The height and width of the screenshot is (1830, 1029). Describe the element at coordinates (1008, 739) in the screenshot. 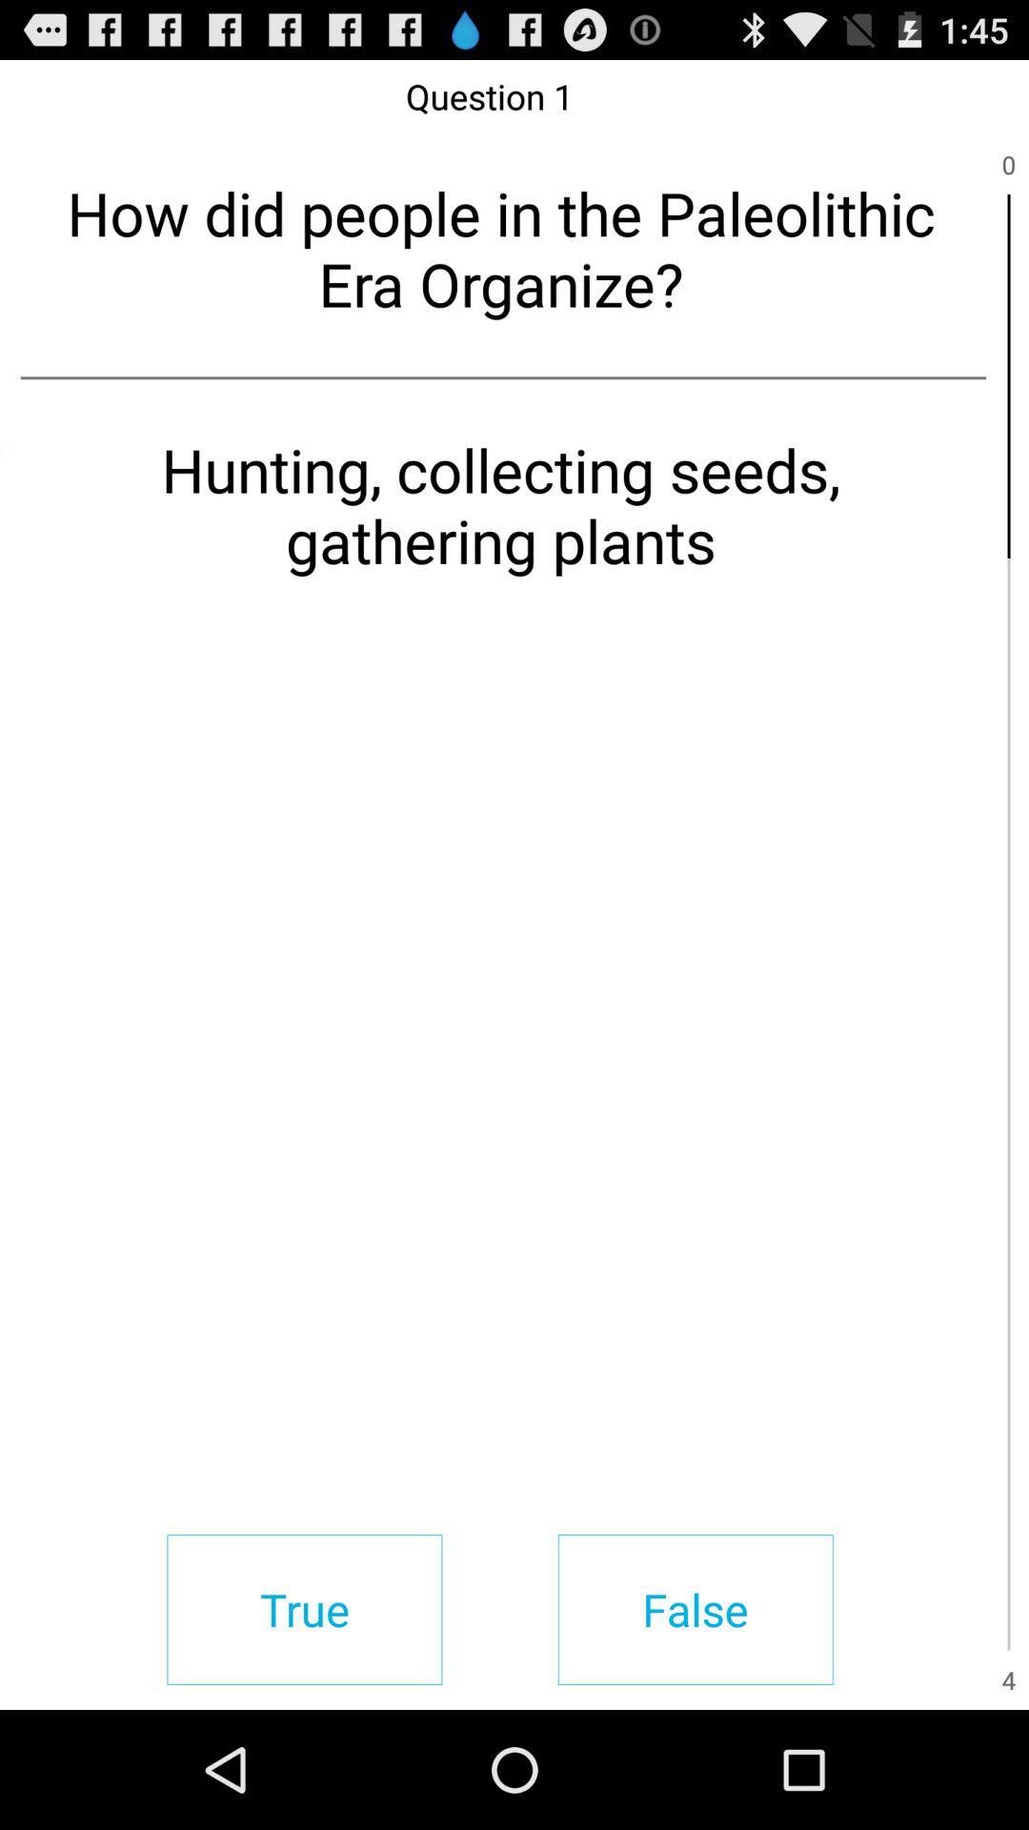

I see `icon to the right of hunting collecting seeds icon` at that location.